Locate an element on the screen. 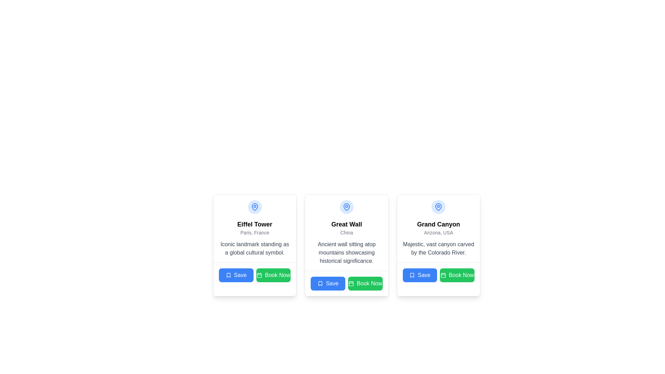  the green 'Book Now' button with a calendar icon located at the bottom-right section of the 'Eiffel Tower' card is located at coordinates (273, 275).